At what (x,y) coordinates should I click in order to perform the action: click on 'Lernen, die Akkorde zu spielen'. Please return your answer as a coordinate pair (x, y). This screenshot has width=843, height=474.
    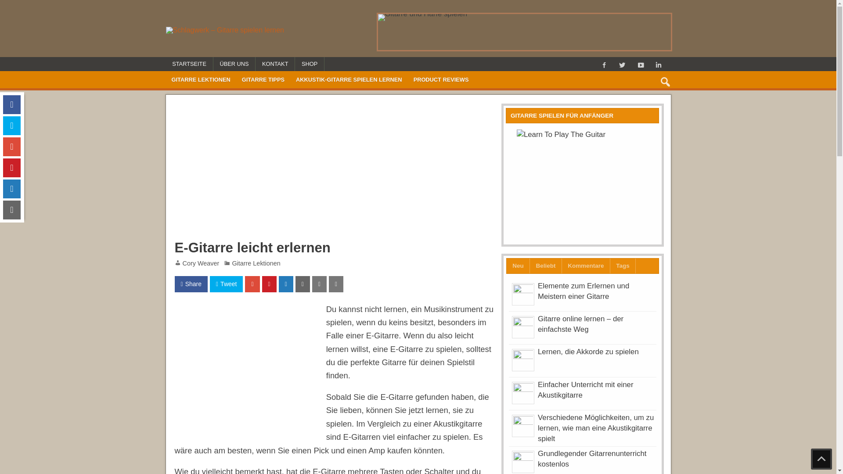
    Looking at the image, I should click on (588, 351).